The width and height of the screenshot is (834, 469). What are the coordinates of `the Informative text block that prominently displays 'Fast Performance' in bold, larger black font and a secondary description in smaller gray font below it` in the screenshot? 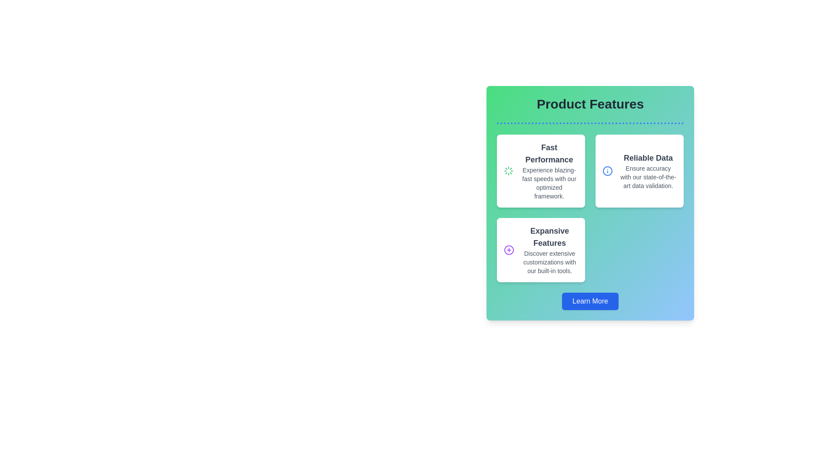 It's located at (549, 171).